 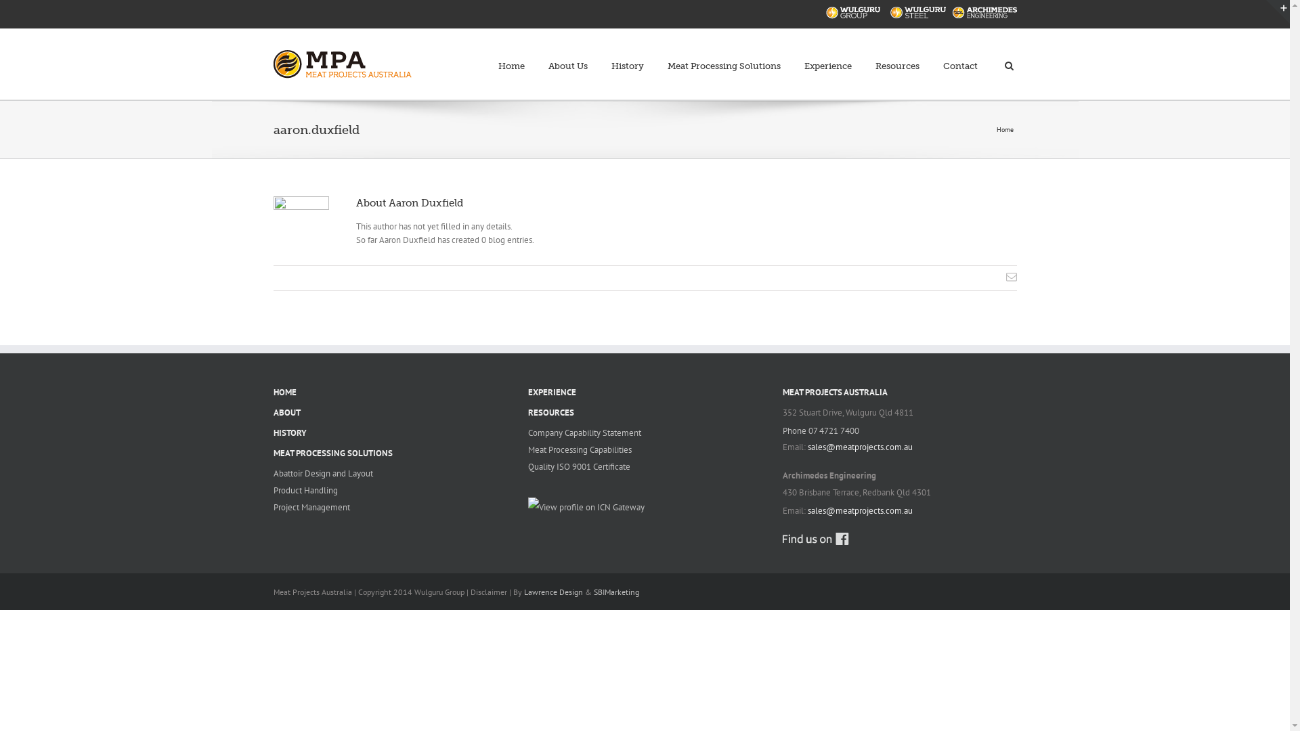 I want to click on 'Mail', so click(x=1011, y=275).